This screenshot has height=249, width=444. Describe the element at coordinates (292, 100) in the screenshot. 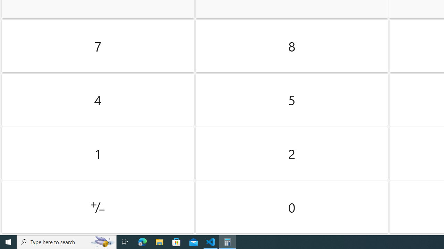

I see `'Five'` at that location.